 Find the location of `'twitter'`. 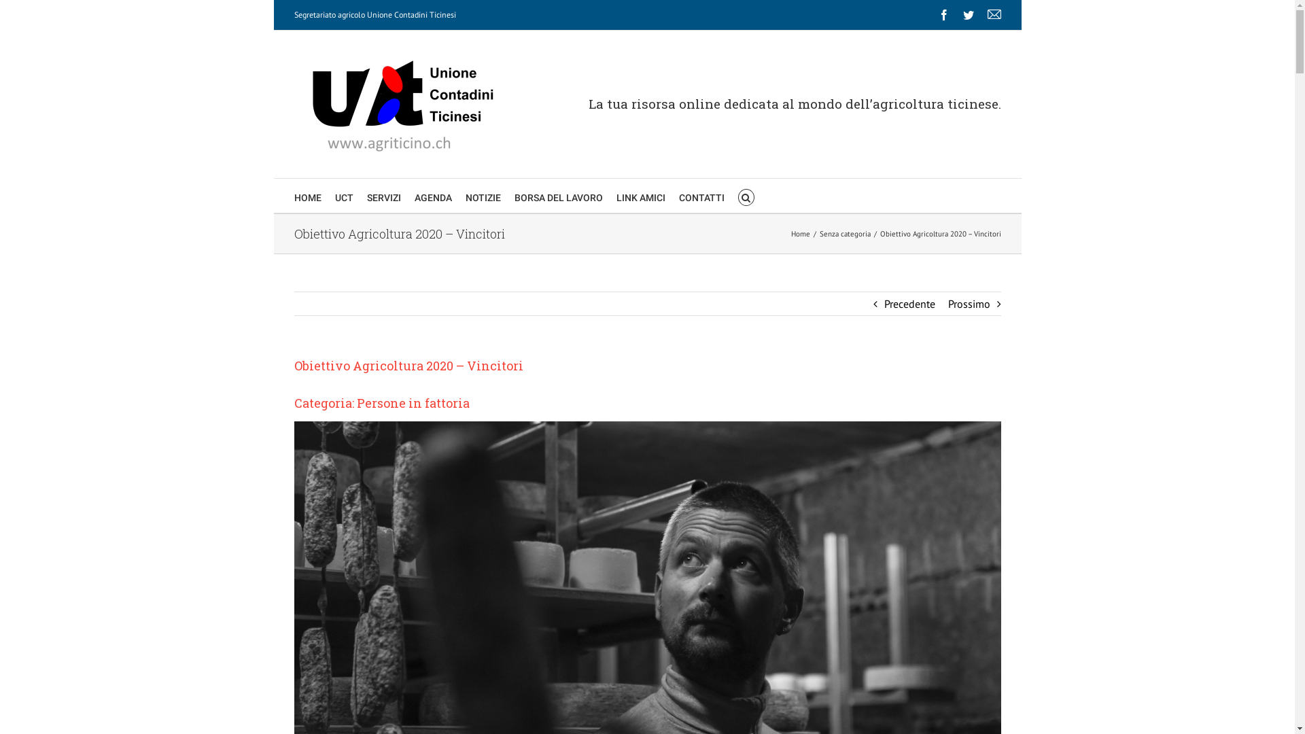

'twitter' is located at coordinates (967, 15).